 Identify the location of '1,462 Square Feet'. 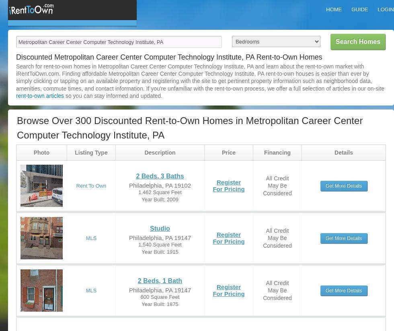
(160, 192).